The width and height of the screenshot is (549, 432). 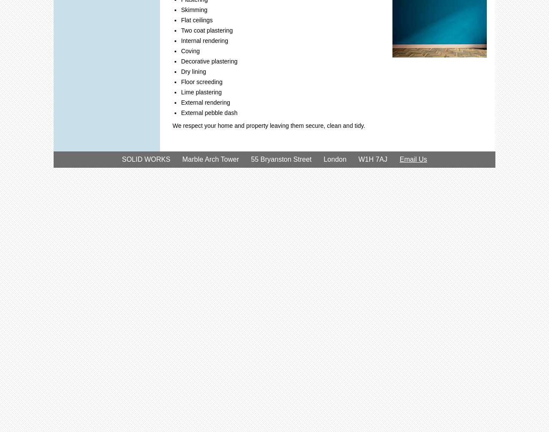 What do you see at coordinates (204, 40) in the screenshot?
I see `'Internal rendering'` at bounding box center [204, 40].